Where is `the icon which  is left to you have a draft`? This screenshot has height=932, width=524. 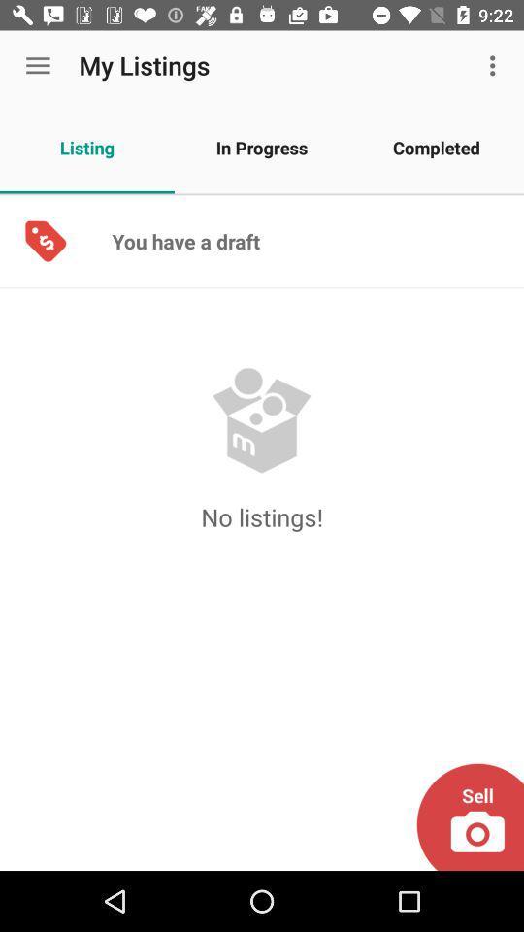
the icon which  is left to you have a draft is located at coordinates (45, 241).